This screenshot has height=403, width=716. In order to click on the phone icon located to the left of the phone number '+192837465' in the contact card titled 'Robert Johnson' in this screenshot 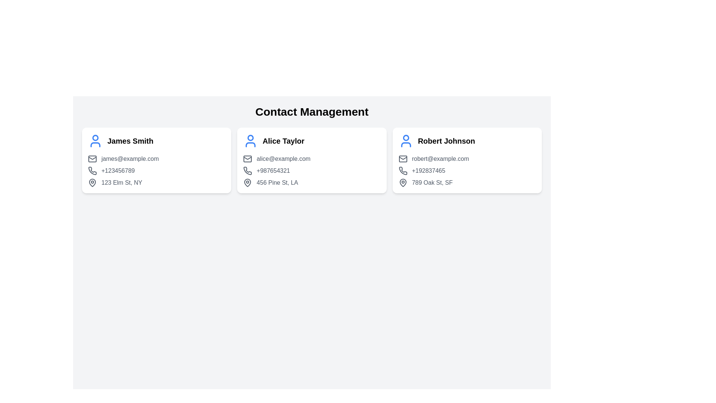, I will do `click(402, 171)`.